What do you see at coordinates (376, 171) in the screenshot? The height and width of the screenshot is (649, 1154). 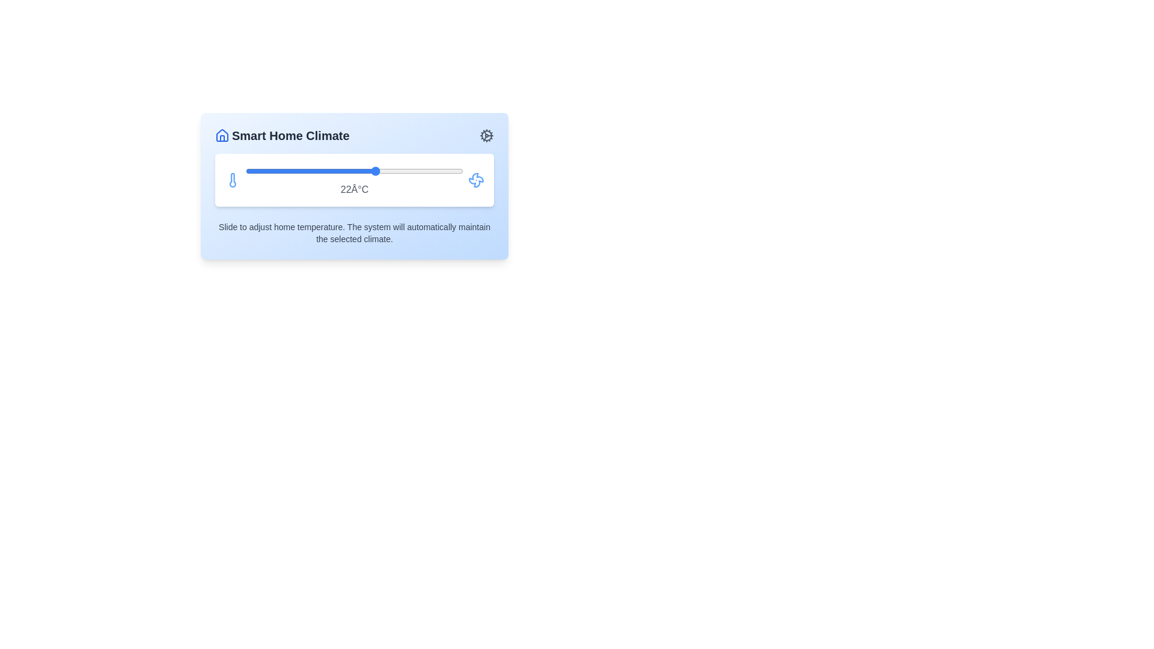 I see `the temperature to 22°C using the slider` at bounding box center [376, 171].